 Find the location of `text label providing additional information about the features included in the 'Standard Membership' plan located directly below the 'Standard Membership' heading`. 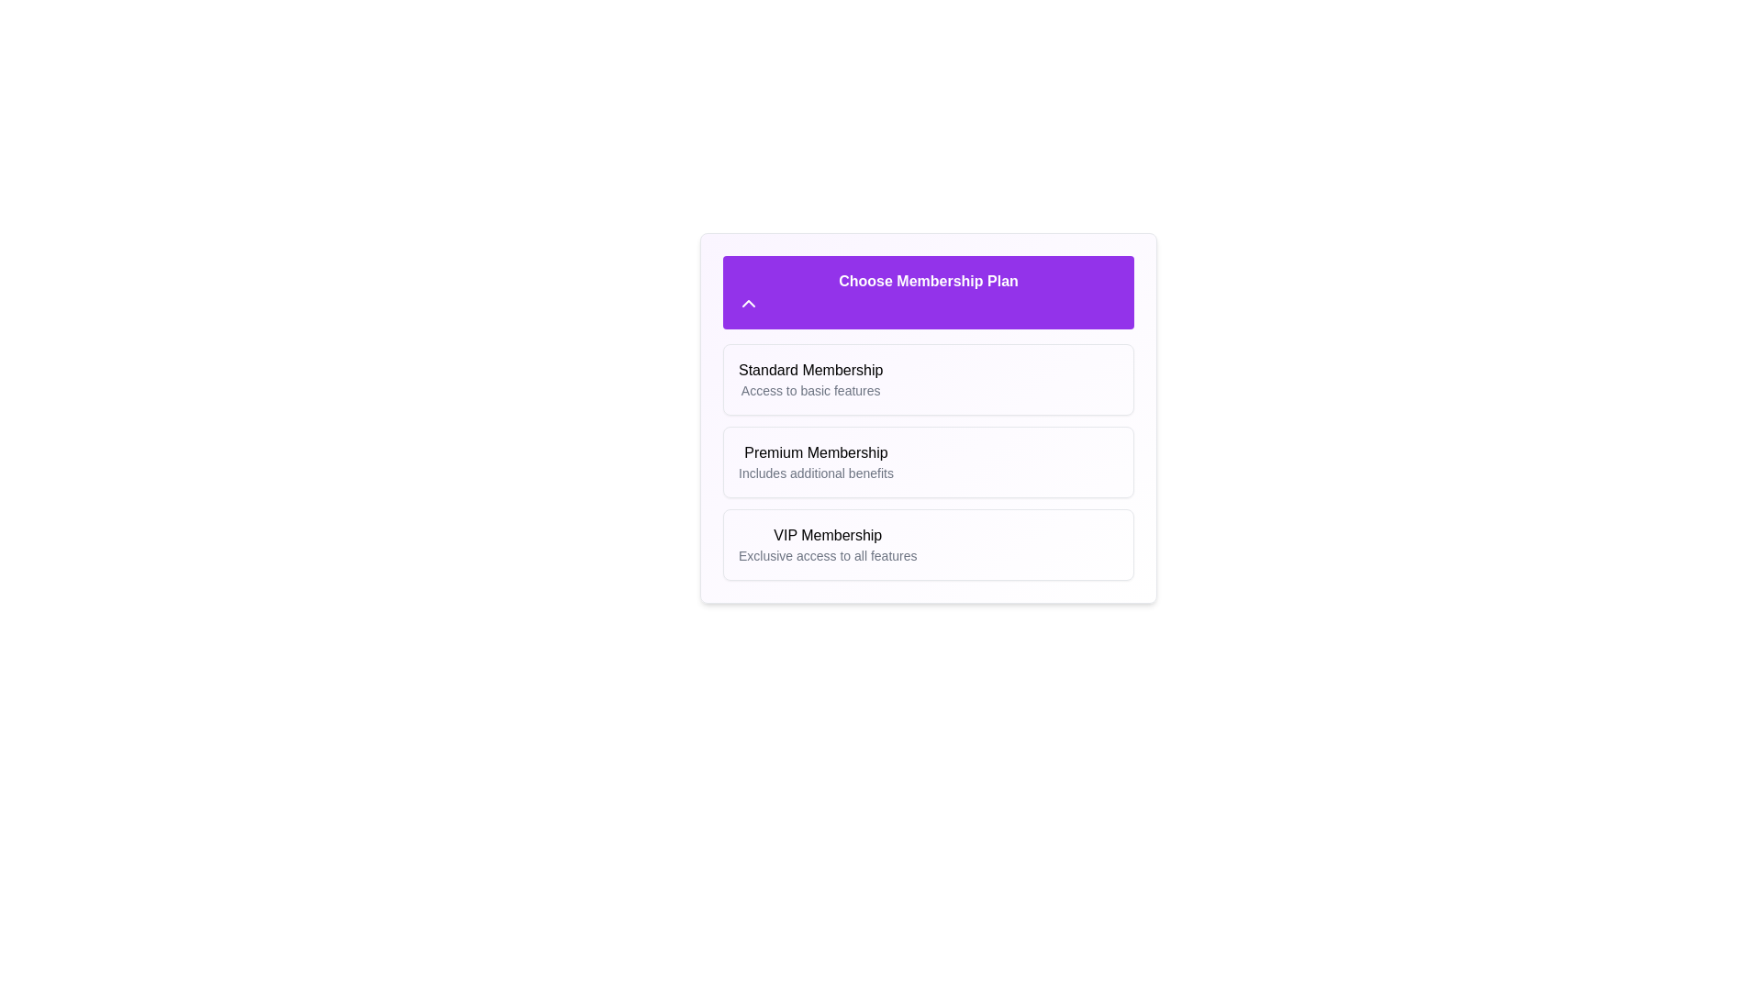

text label providing additional information about the features included in the 'Standard Membership' plan located directly below the 'Standard Membership' heading is located at coordinates (809, 389).